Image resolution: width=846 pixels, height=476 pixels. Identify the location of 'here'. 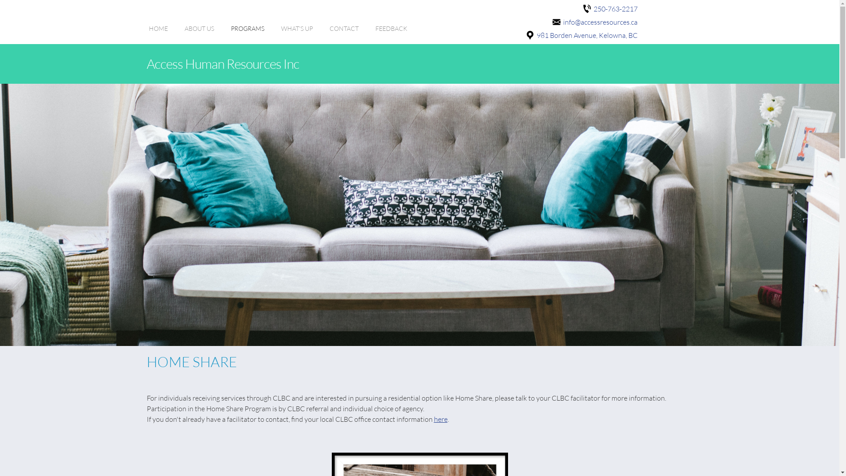
(440, 418).